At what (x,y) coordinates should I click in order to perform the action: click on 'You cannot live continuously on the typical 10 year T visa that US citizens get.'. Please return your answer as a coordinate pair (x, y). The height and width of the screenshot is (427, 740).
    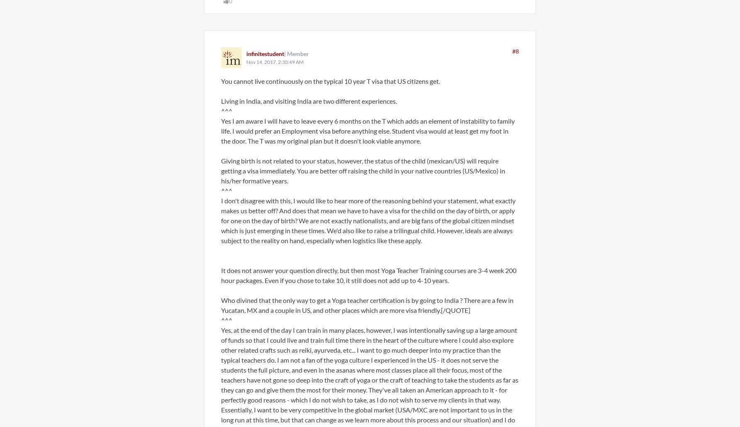
    Looking at the image, I should click on (330, 81).